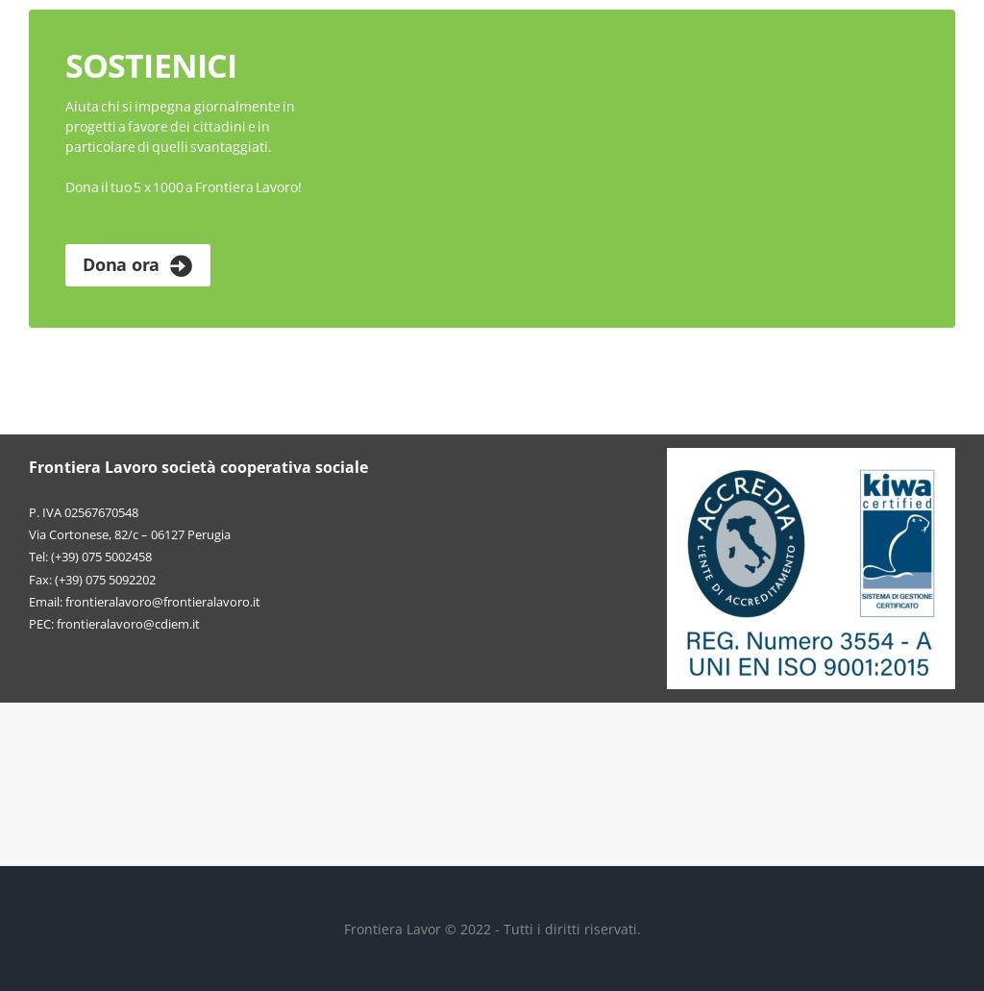  Describe the element at coordinates (41, 622) in the screenshot. I see `'PEC:'` at that location.